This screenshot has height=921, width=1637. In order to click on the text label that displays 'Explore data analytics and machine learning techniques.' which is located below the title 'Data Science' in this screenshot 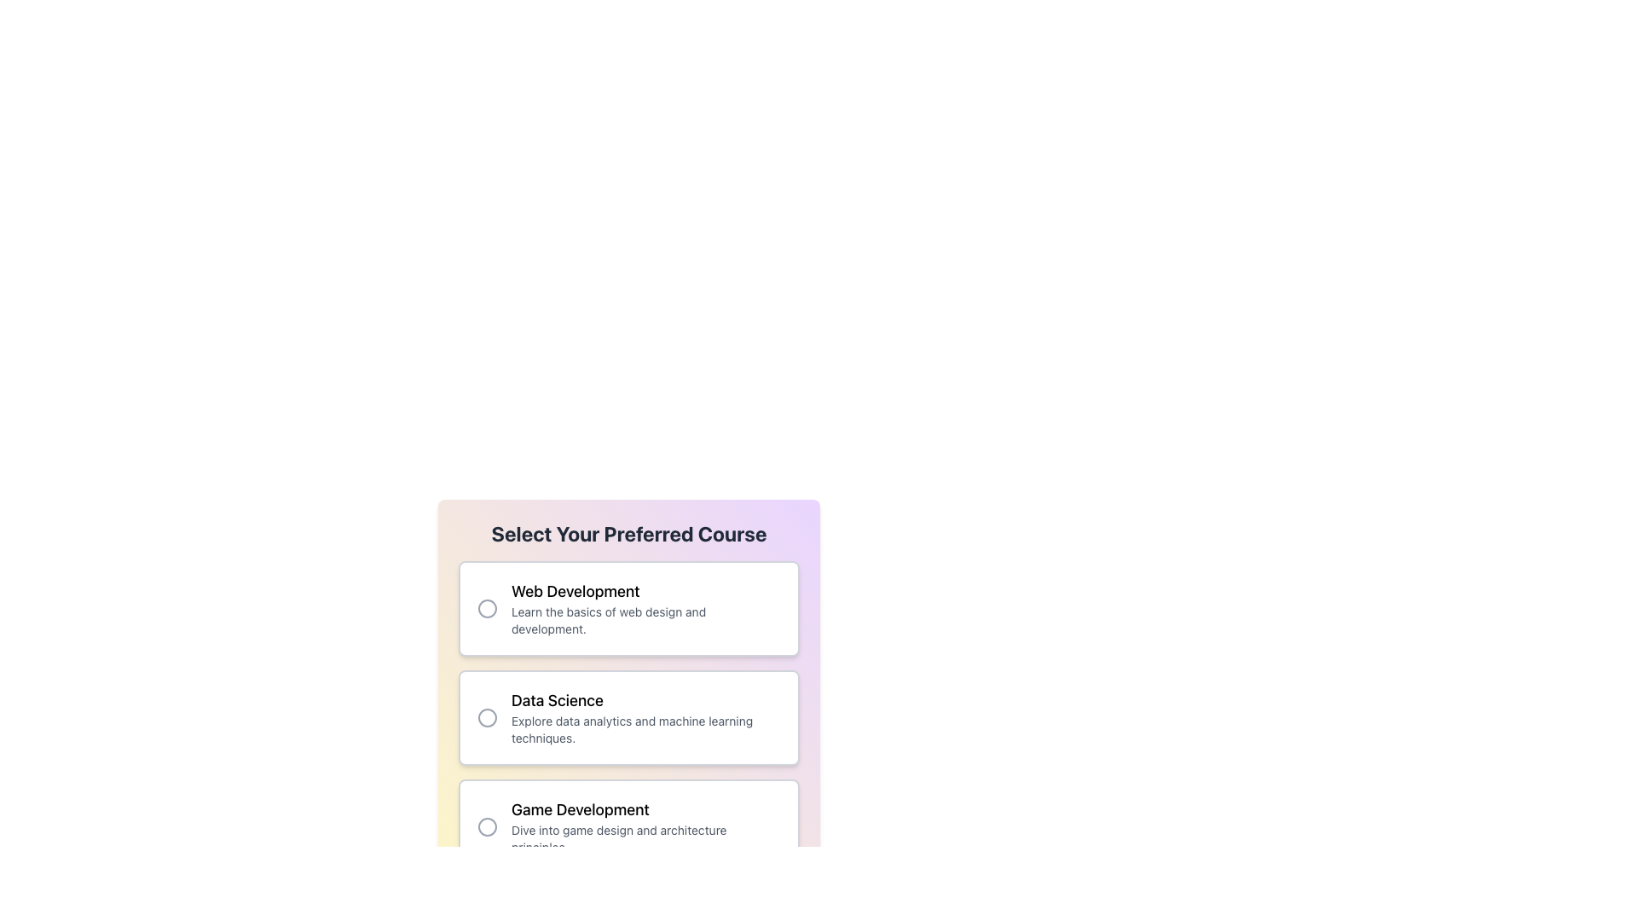, I will do `click(645, 729)`.